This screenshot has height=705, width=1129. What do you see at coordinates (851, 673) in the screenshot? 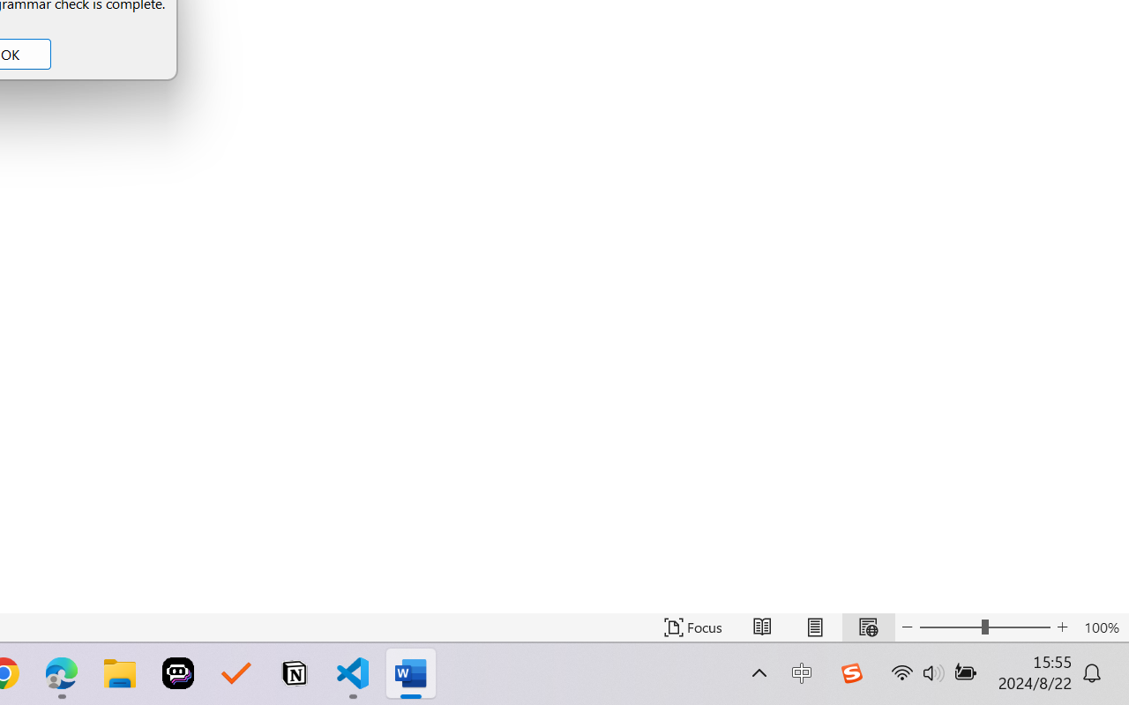
I see `'Class: Image'` at bounding box center [851, 673].